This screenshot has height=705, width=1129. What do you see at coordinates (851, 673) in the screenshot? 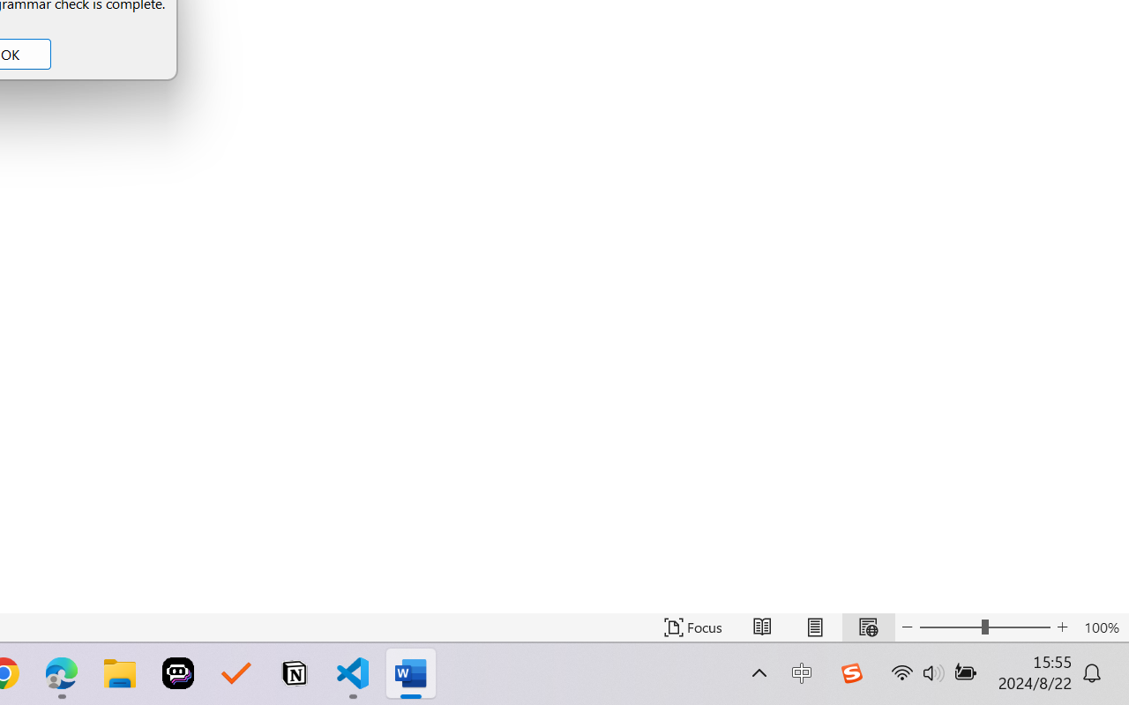
I see `'Class: Image'` at bounding box center [851, 673].